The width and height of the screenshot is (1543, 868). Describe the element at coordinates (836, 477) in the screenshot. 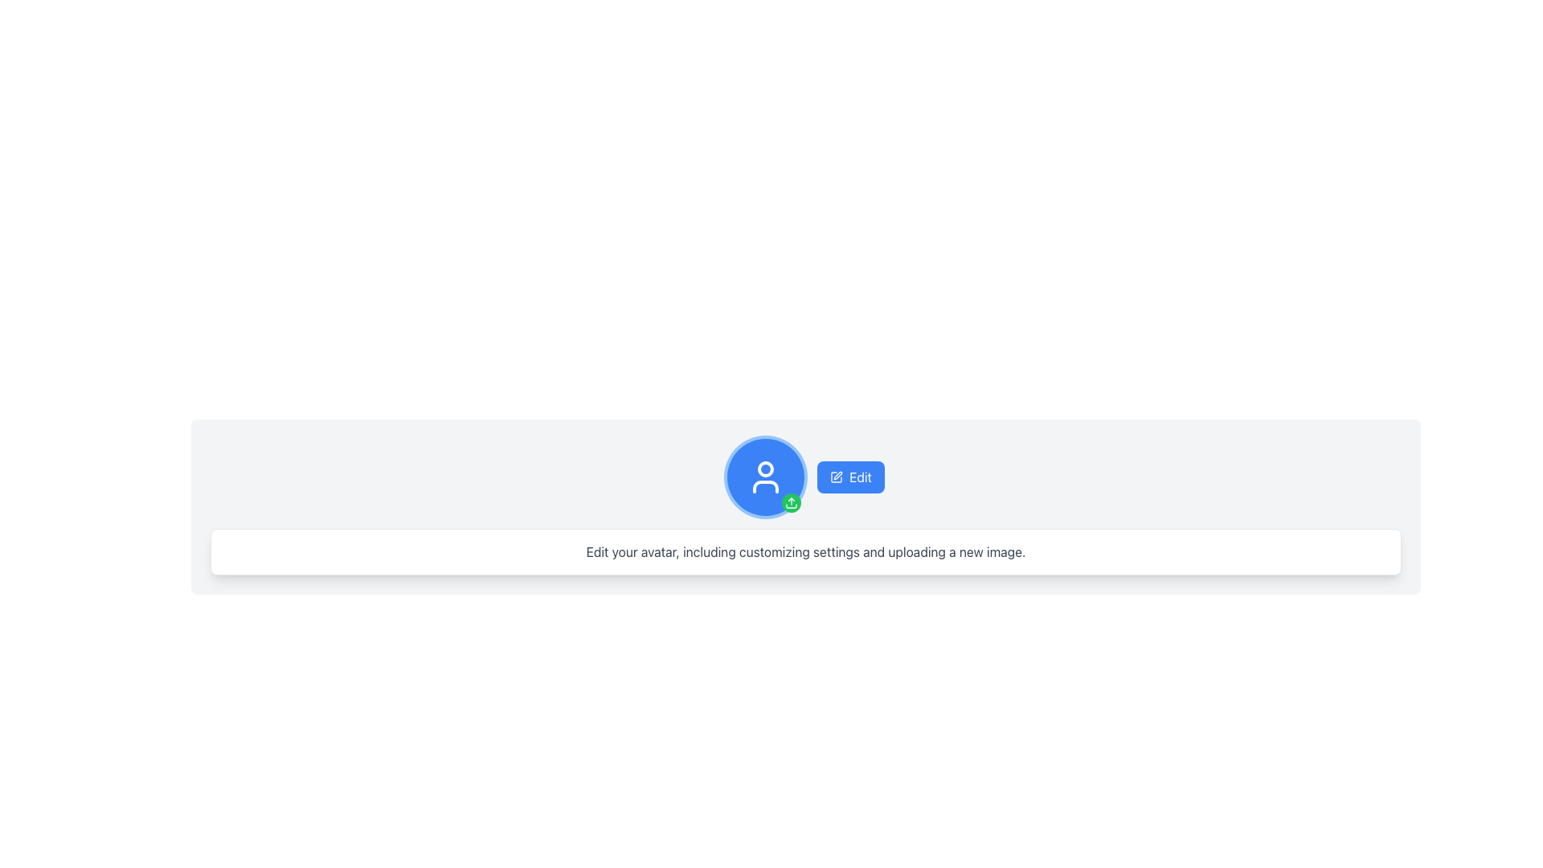

I see `the 'Edit' button that contains the minimalist pen icon outlined in light color, positioned to the left of the text 'Edit'` at that location.